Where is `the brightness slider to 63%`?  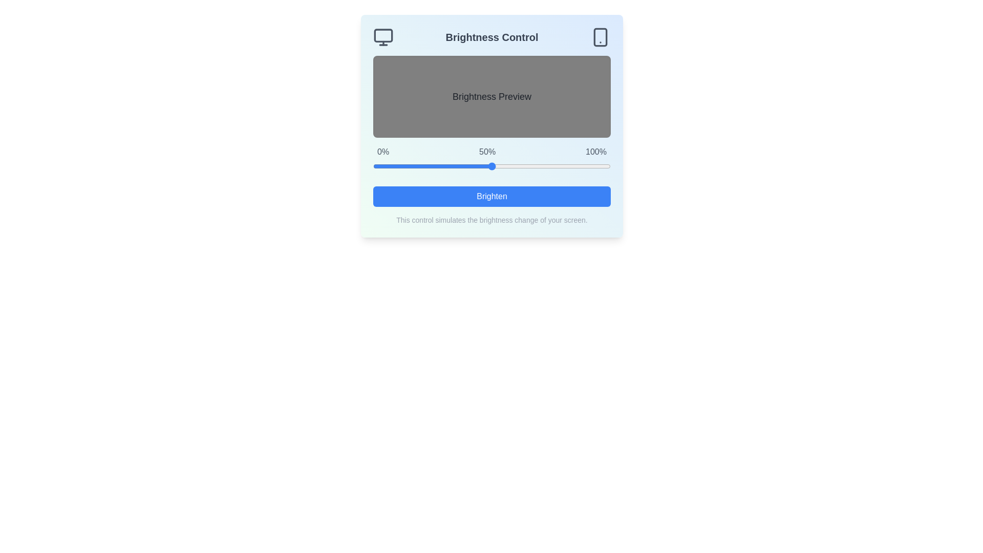 the brightness slider to 63% is located at coordinates (523, 165).